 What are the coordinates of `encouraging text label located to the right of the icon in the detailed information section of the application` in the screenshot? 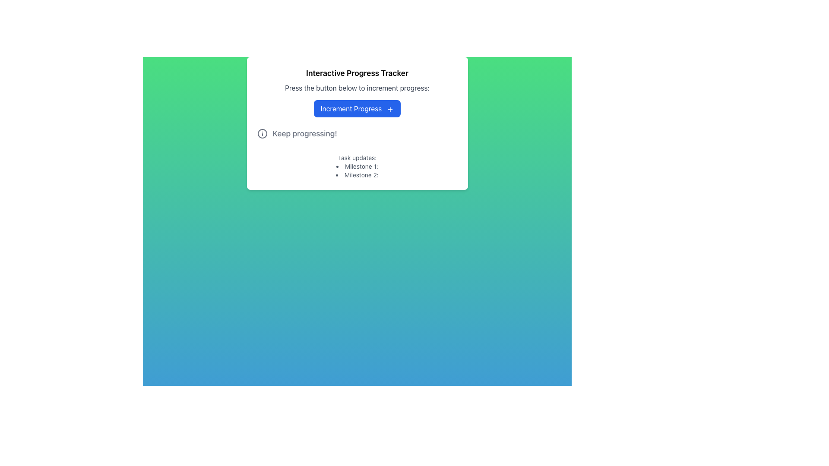 It's located at (305, 133).